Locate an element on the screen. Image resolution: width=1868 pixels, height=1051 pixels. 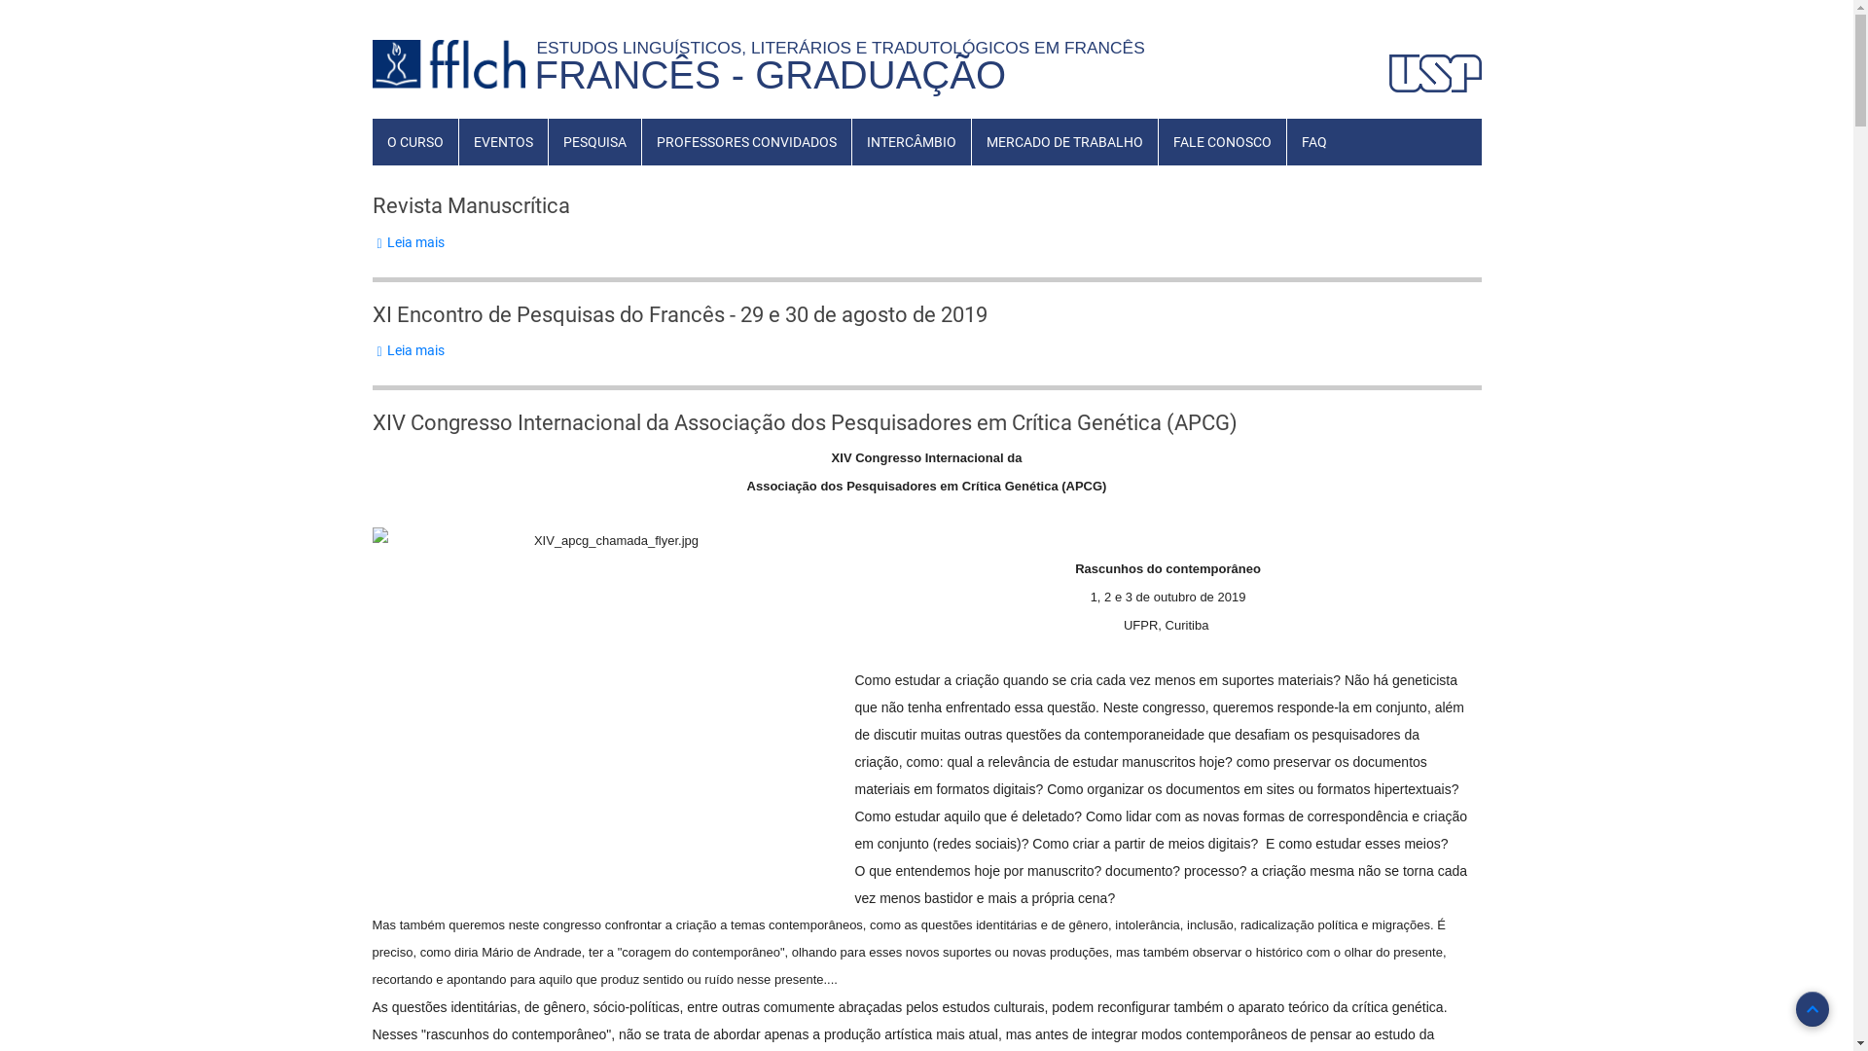
'PROFESSORES CONVIDADOS' is located at coordinates (745, 141).